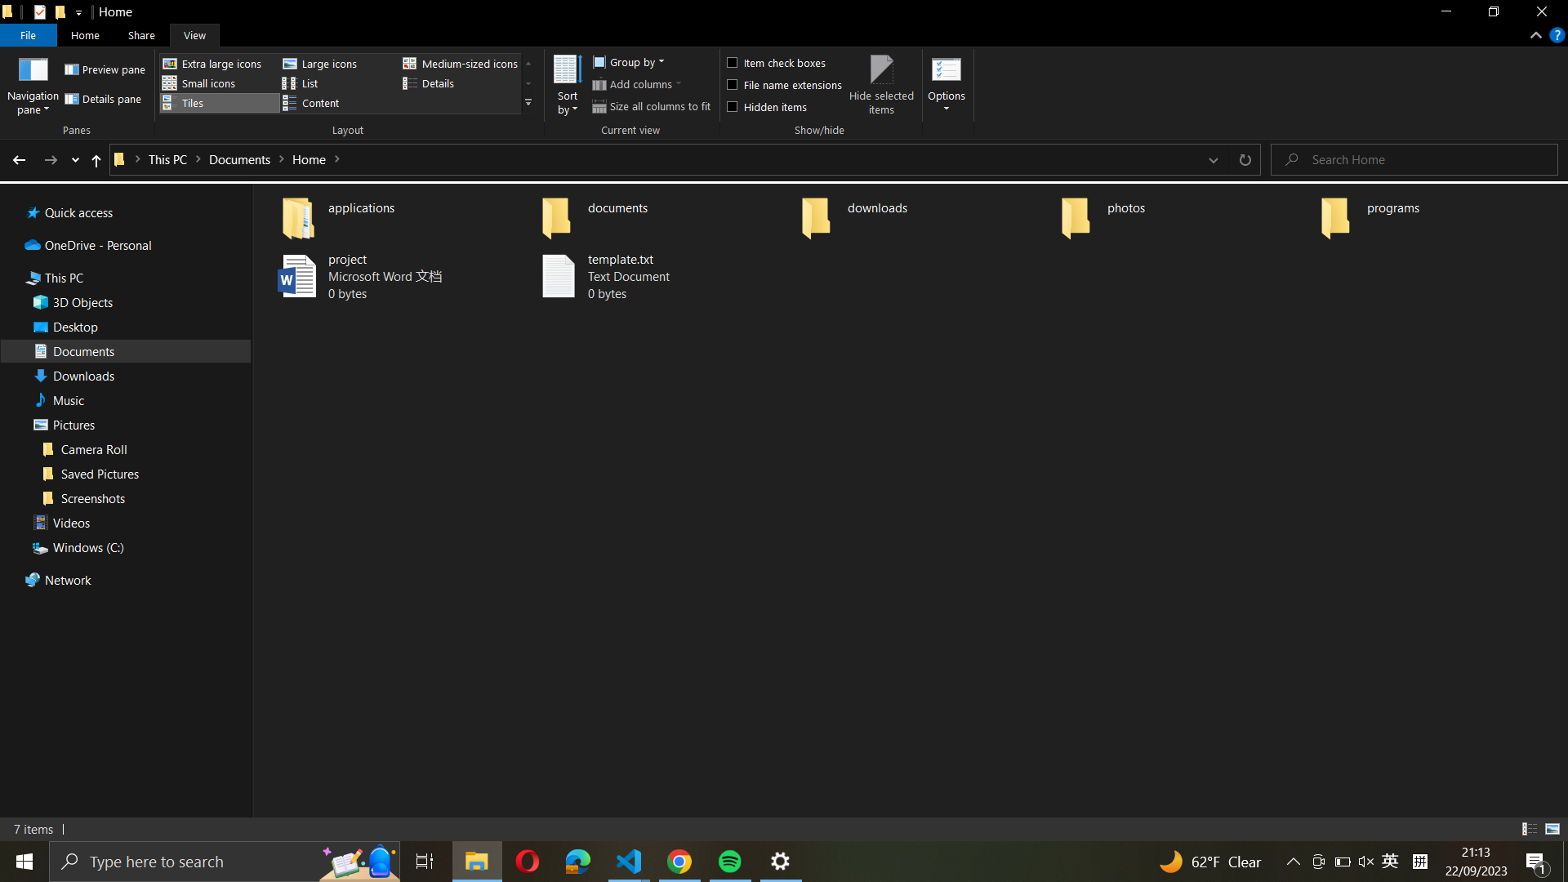 The image size is (1568, 882). Describe the element at coordinates (389, 276) in the screenshot. I see `Change the title of "project.docx" to be "final_project.docx` at that location.